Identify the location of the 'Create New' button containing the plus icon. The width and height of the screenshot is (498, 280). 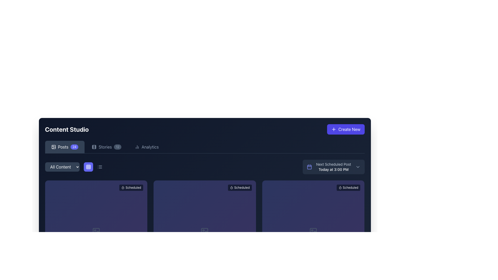
(334, 129).